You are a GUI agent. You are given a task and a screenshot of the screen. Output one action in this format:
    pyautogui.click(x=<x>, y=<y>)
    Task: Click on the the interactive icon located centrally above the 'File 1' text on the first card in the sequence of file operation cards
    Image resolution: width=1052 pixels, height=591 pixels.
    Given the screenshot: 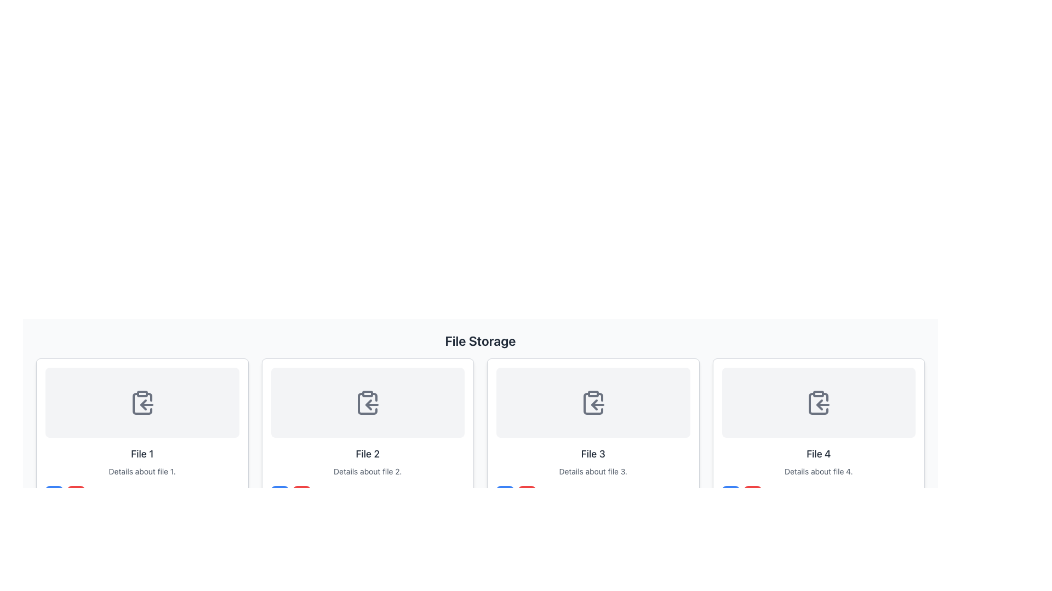 What is the action you would take?
    pyautogui.click(x=141, y=403)
    